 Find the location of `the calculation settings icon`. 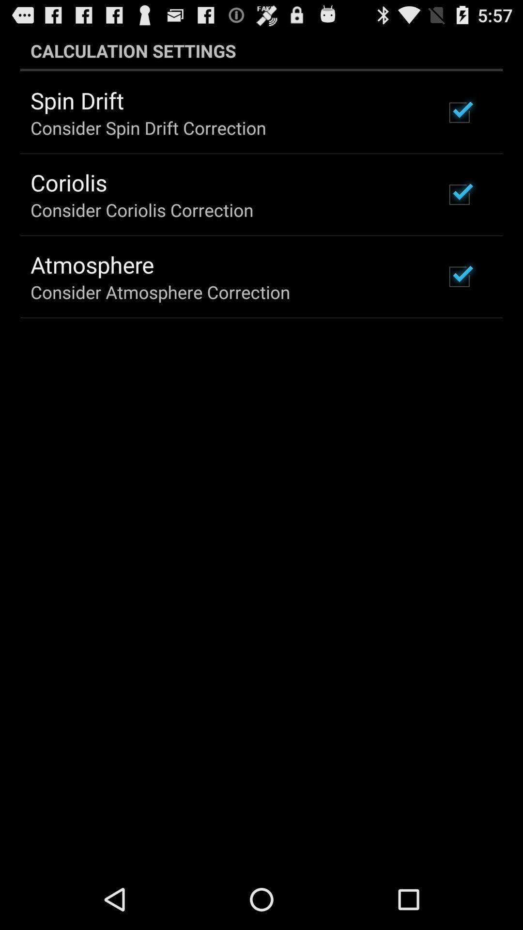

the calculation settings icon is located at coordinates (261, 50).